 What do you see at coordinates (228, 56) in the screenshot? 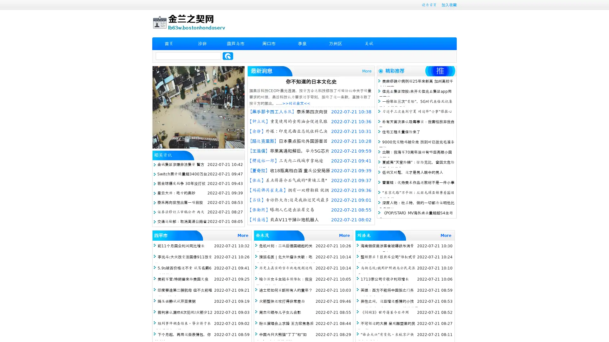
I see `Search` at bounding box center [228, 56].